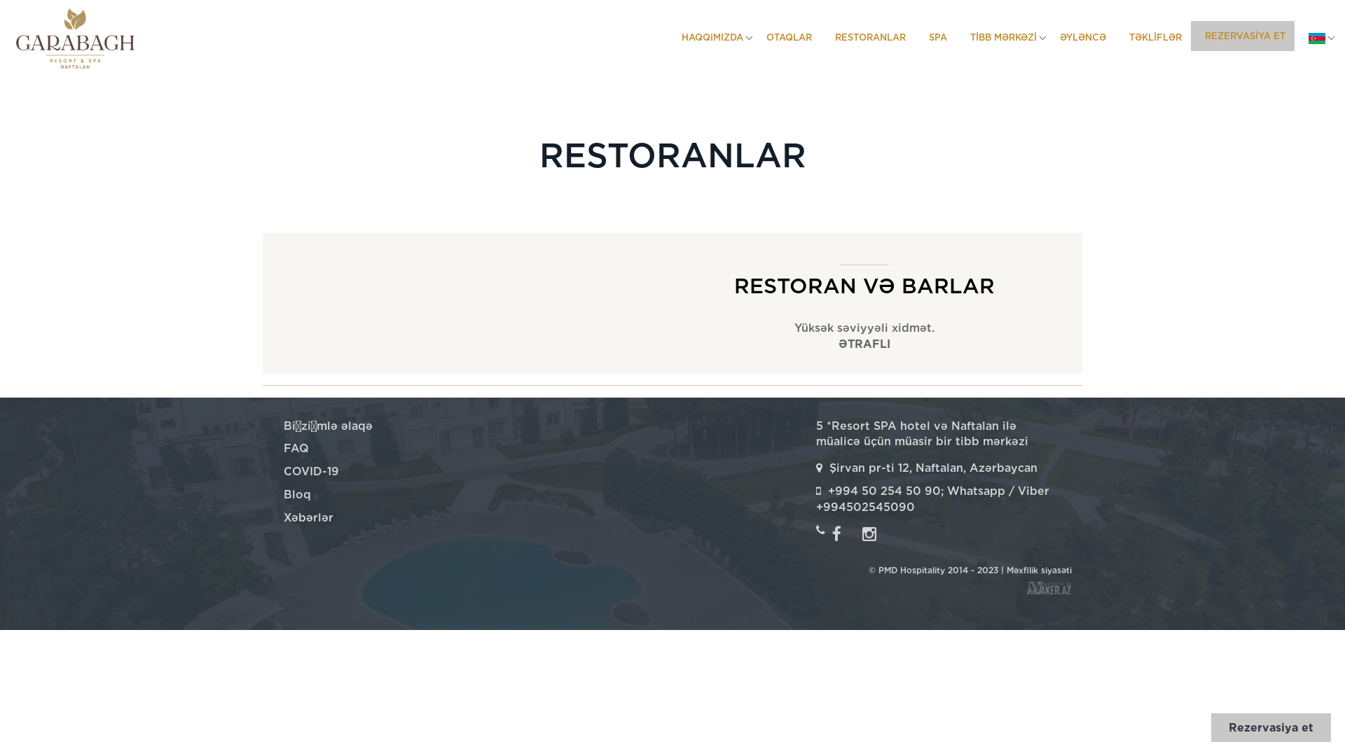  Describe the element at coordinates (914, 37) in the screenshot. I see `'SPA'` at that location.